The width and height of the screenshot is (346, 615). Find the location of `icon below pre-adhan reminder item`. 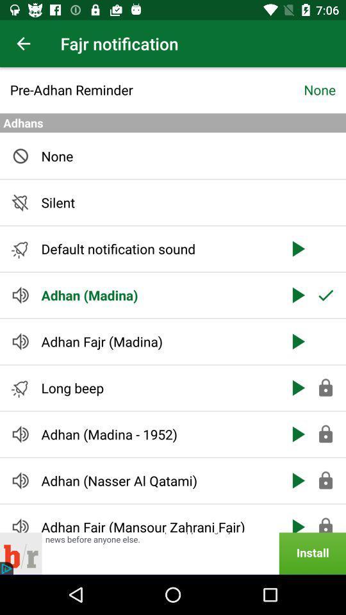

icon below pre-adhan reminder item is located at coordinates (173, 123).